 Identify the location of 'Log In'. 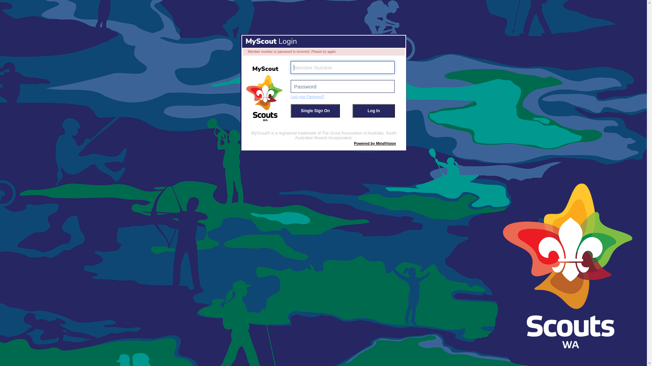
(373, 110).